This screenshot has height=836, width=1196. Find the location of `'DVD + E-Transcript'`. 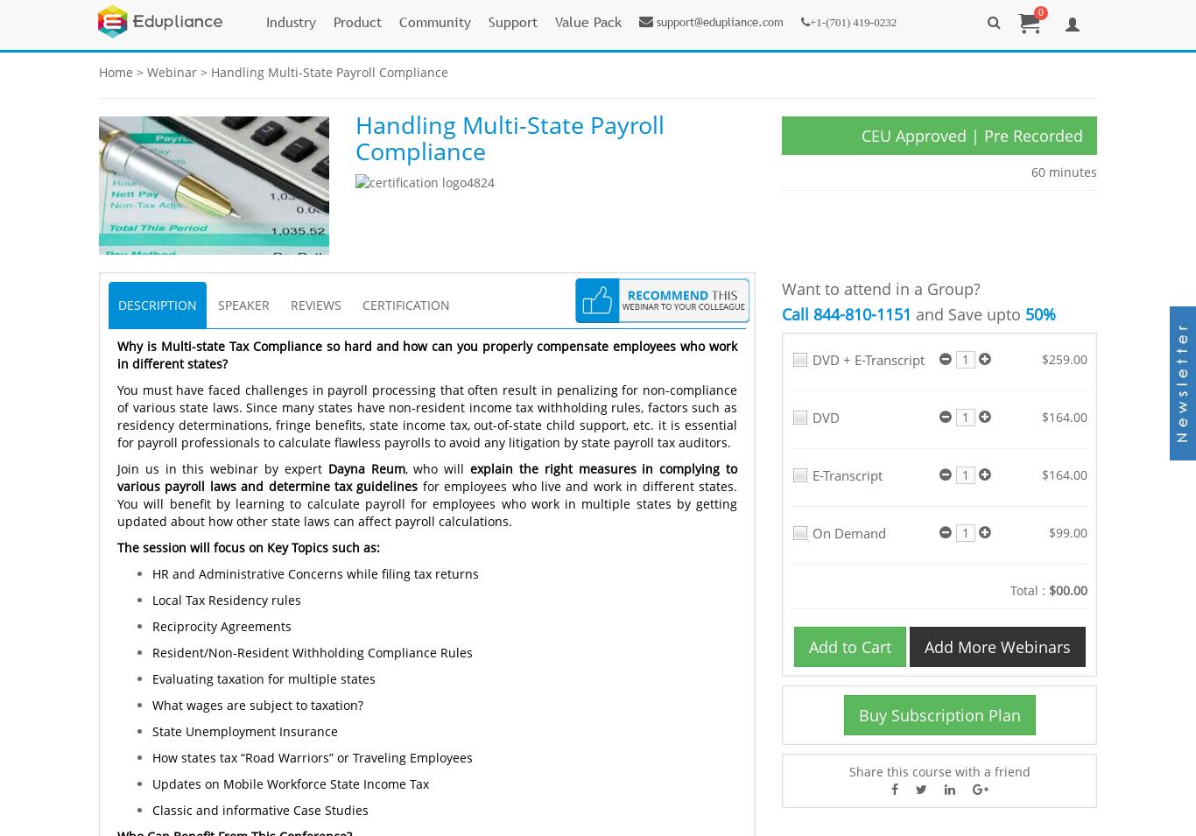

'DVD + E-Transcript' is located at coordinates (868, 359).